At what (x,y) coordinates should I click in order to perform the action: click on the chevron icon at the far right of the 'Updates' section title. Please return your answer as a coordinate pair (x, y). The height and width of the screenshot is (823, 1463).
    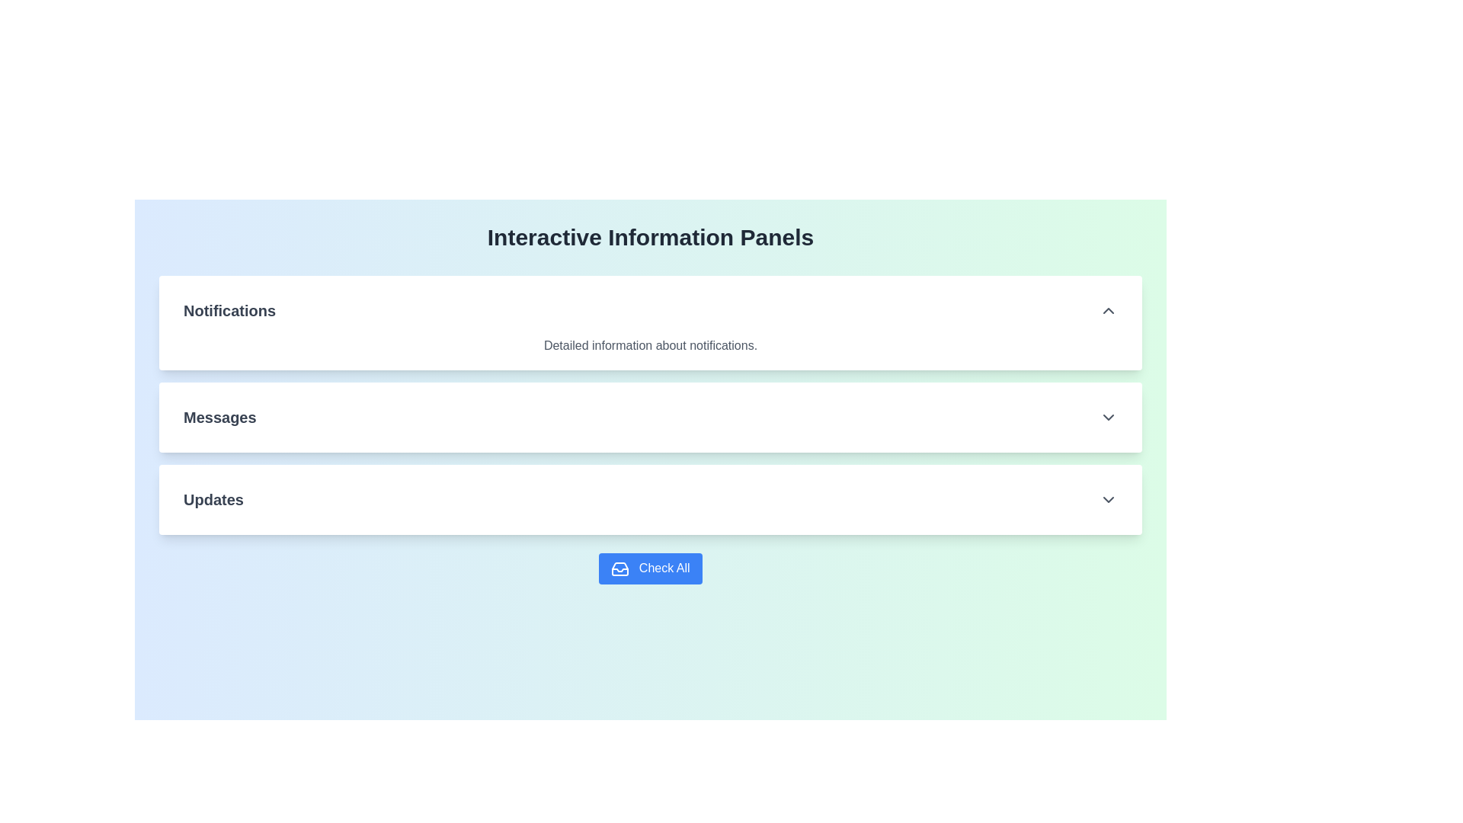
    Looking at the image, I should click on (1108, 499).